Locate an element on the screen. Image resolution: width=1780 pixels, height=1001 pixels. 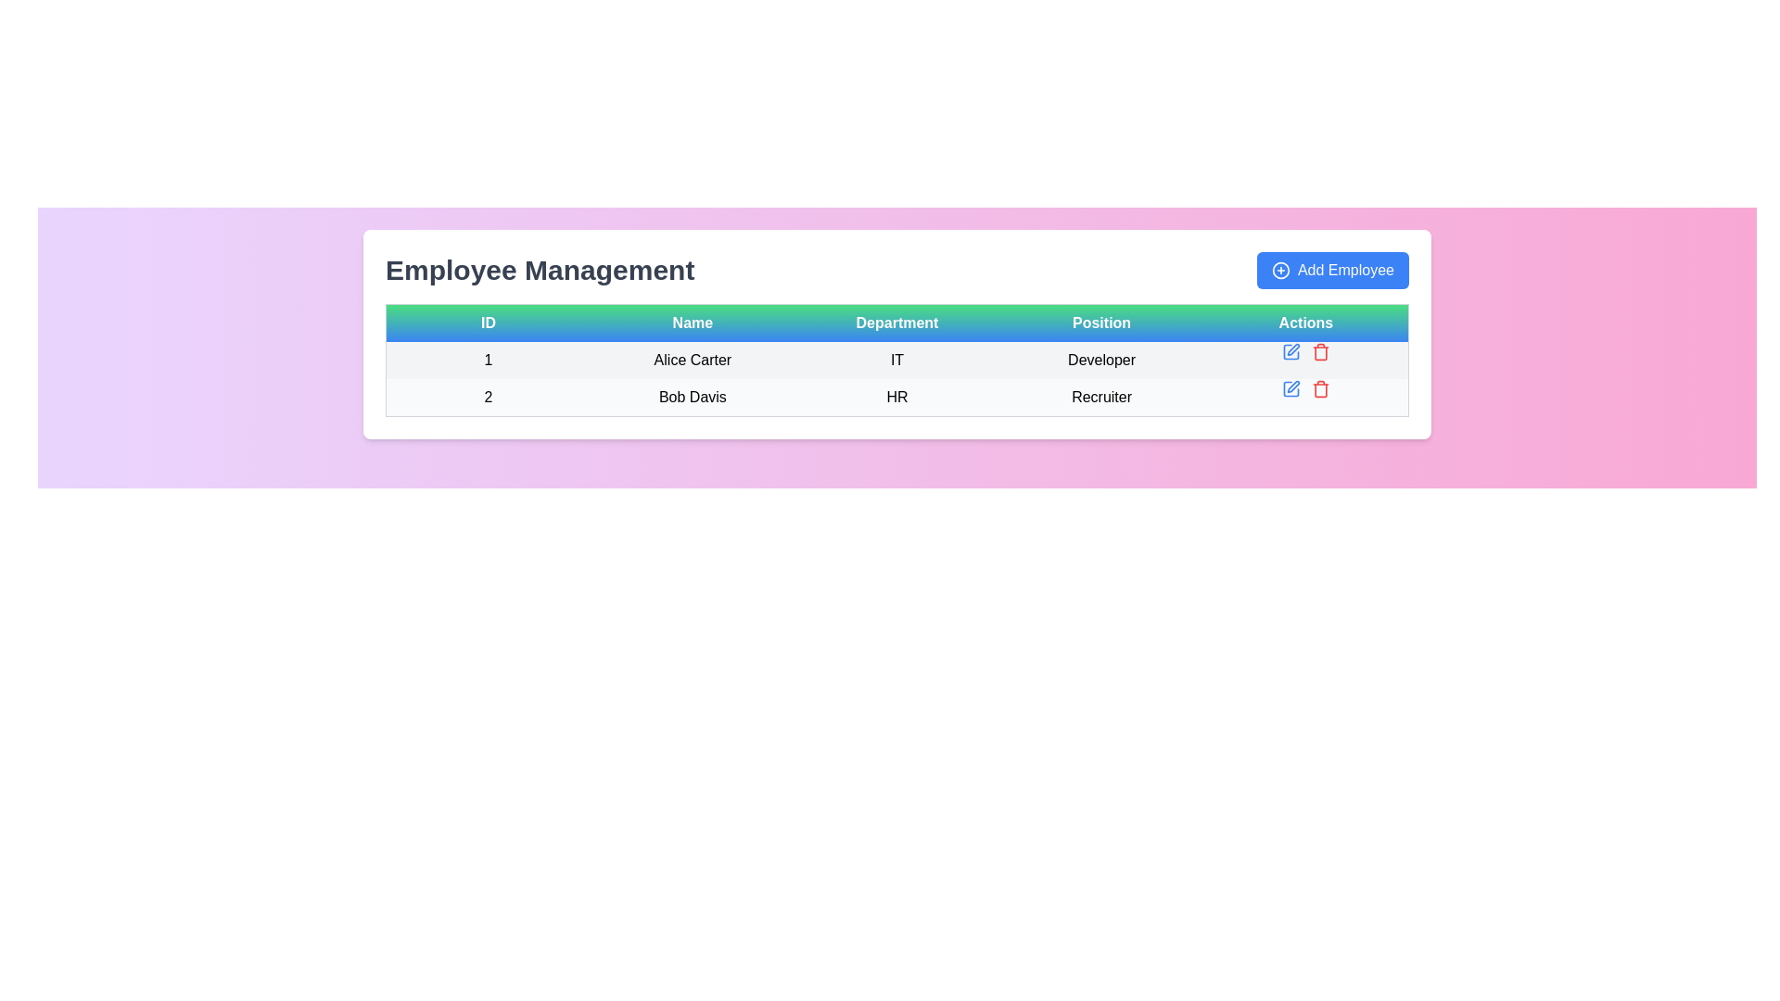
the delete icon in the Interactive Icon Group located in the last column of the second row under the 'Actions' header, aligned with the 'Bob Davis' row is located at coordinates (1304, 388).